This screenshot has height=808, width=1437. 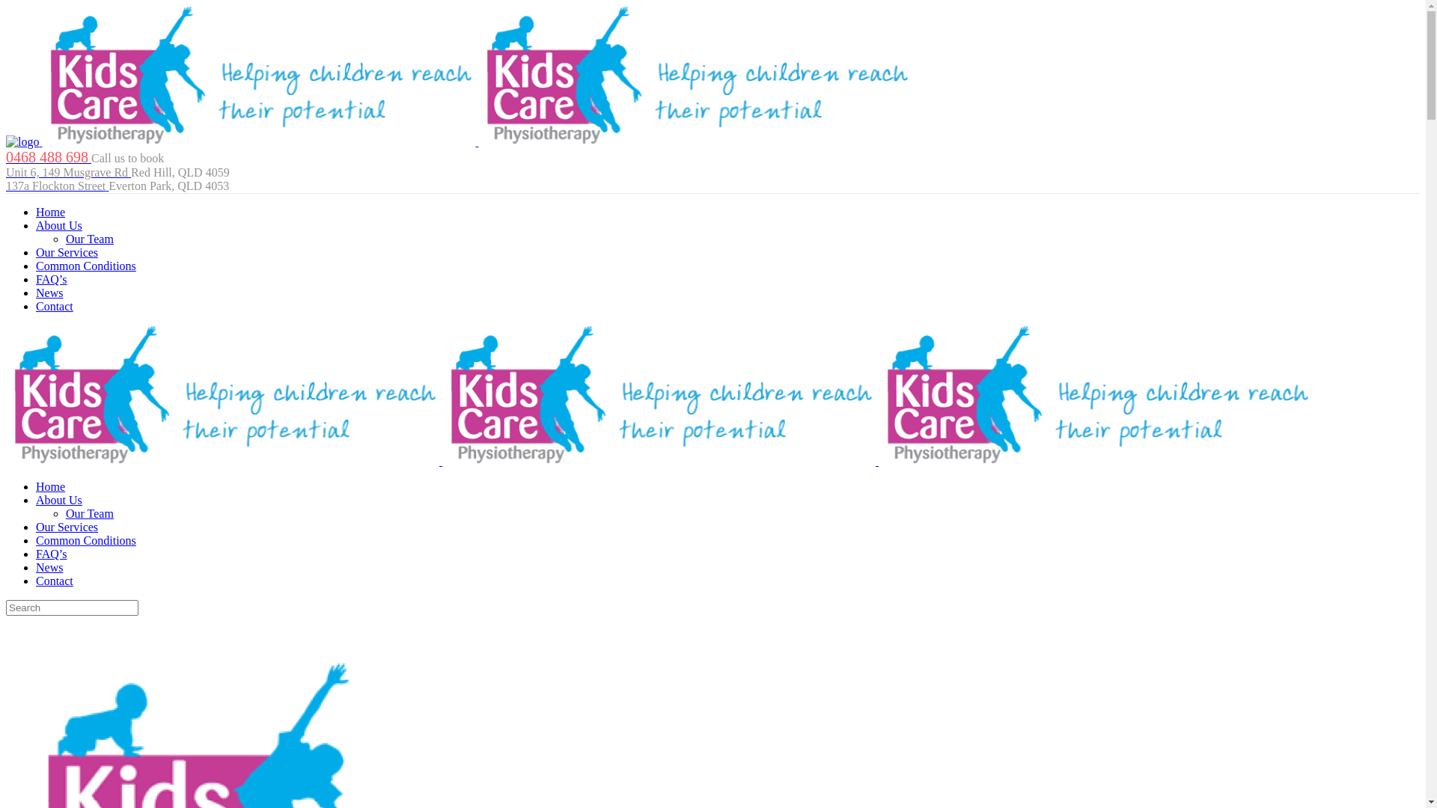 I want to click on 'Contact', so click(x=54, y=580).